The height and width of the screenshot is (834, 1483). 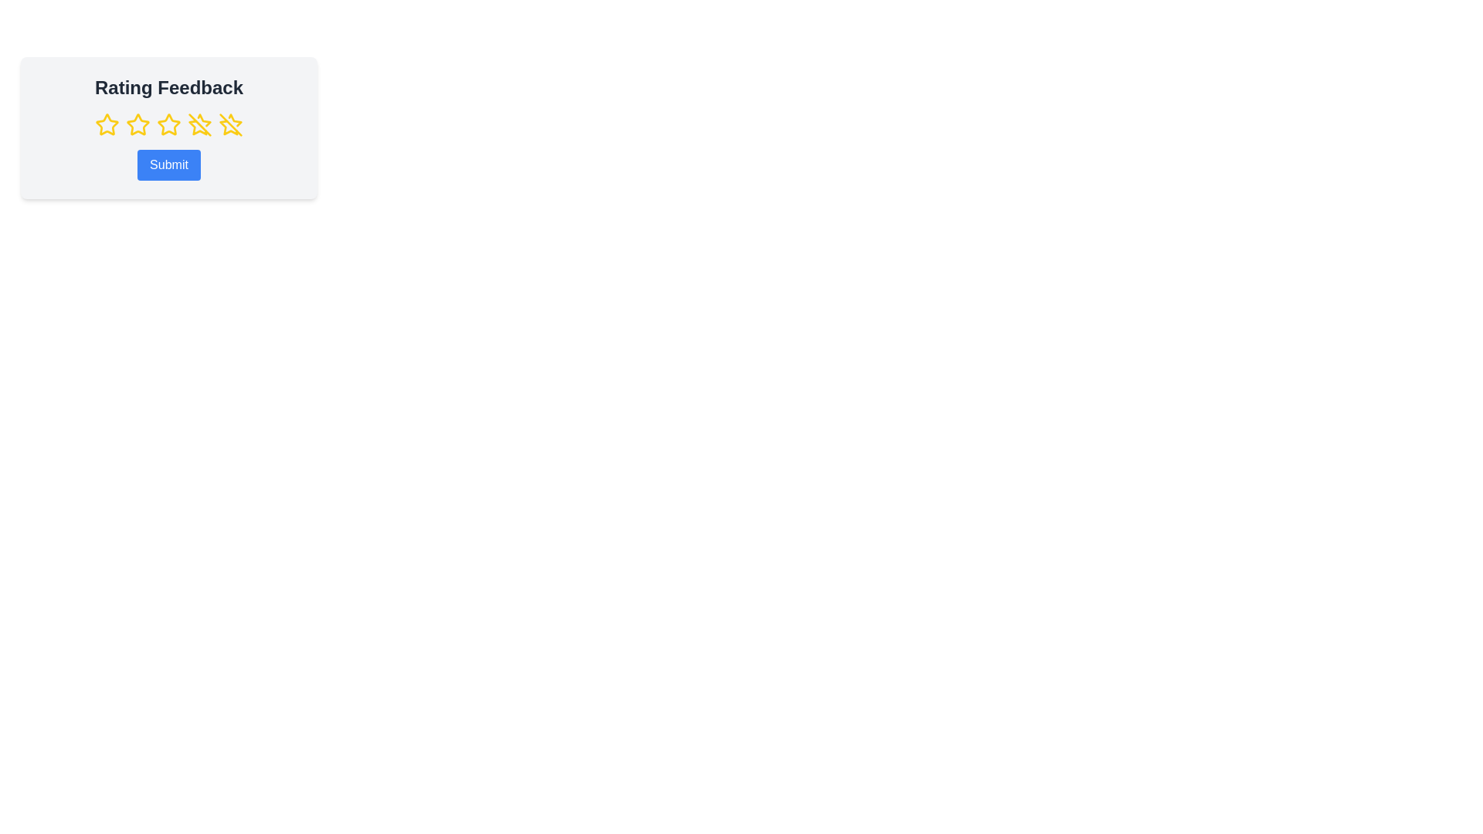 What do you see at coordinates (228, 127) in the screenshot?
I see `the fifth star icon in the rating system, which is currently disabled or deselected, located above the blue 'Submit' button` at bounding box center [228, 127].